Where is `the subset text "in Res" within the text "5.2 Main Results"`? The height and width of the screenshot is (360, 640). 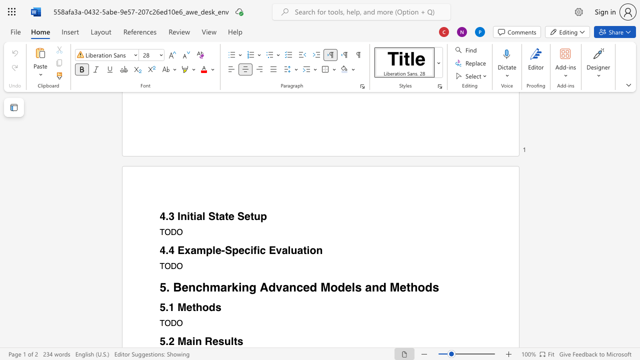 the subset text "in Res" within the text "5.2 Main Results" is located at coordinates (192, 341).